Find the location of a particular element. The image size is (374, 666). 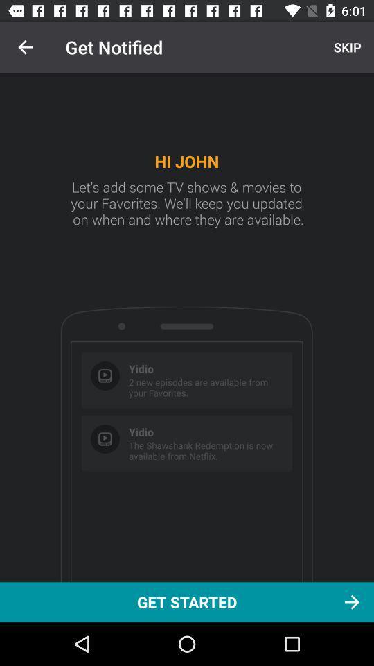

skip at the top right corner is located at coordinates (345, 47).